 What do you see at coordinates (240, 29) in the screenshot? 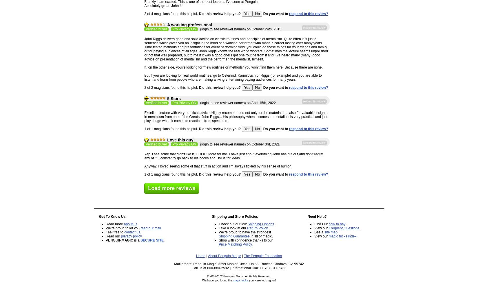
I see `'(login to see reviewer names)
         
        on October 24th, 2015'` at bounding box center [240, 29].